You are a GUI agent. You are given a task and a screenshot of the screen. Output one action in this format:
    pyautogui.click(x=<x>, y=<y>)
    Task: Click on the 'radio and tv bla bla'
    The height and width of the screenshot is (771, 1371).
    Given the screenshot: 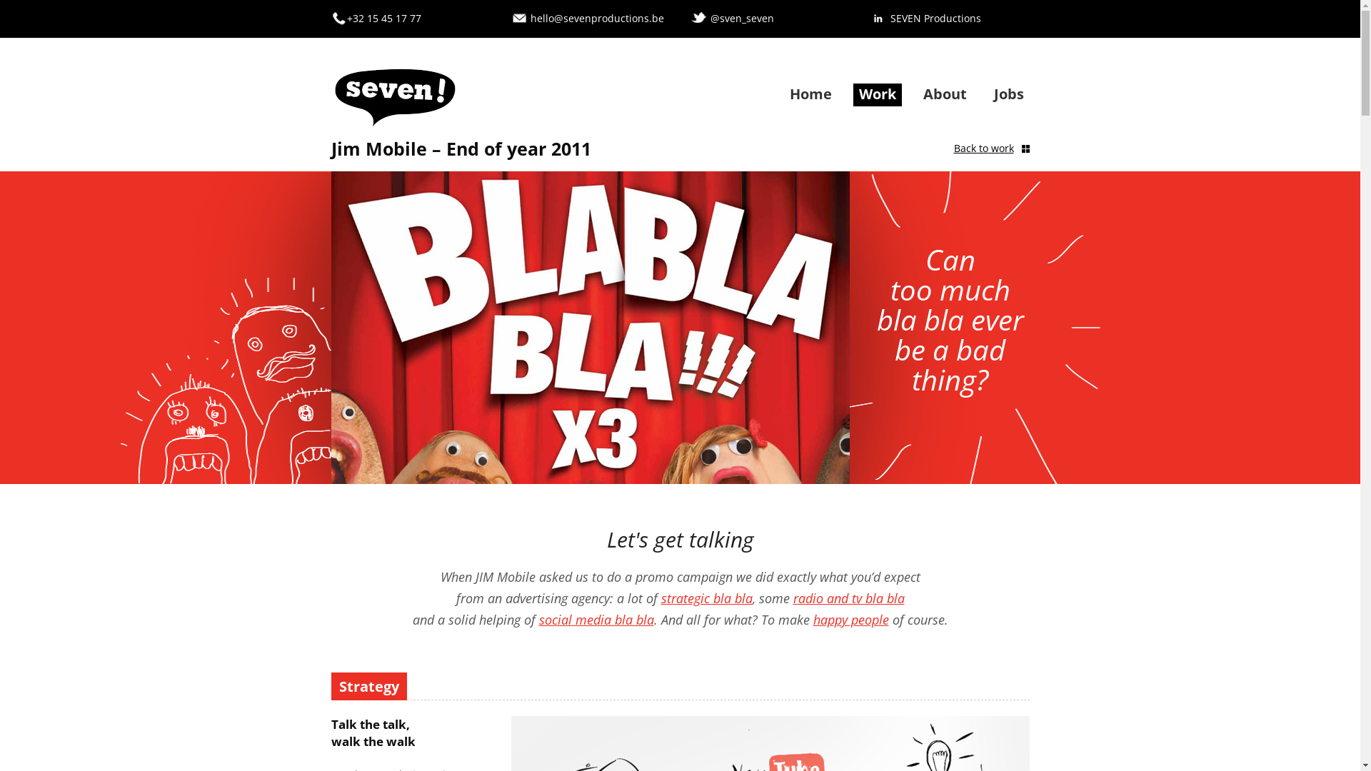 What is the action you would take?
    pyautogui.click(x=848, y=598)
    